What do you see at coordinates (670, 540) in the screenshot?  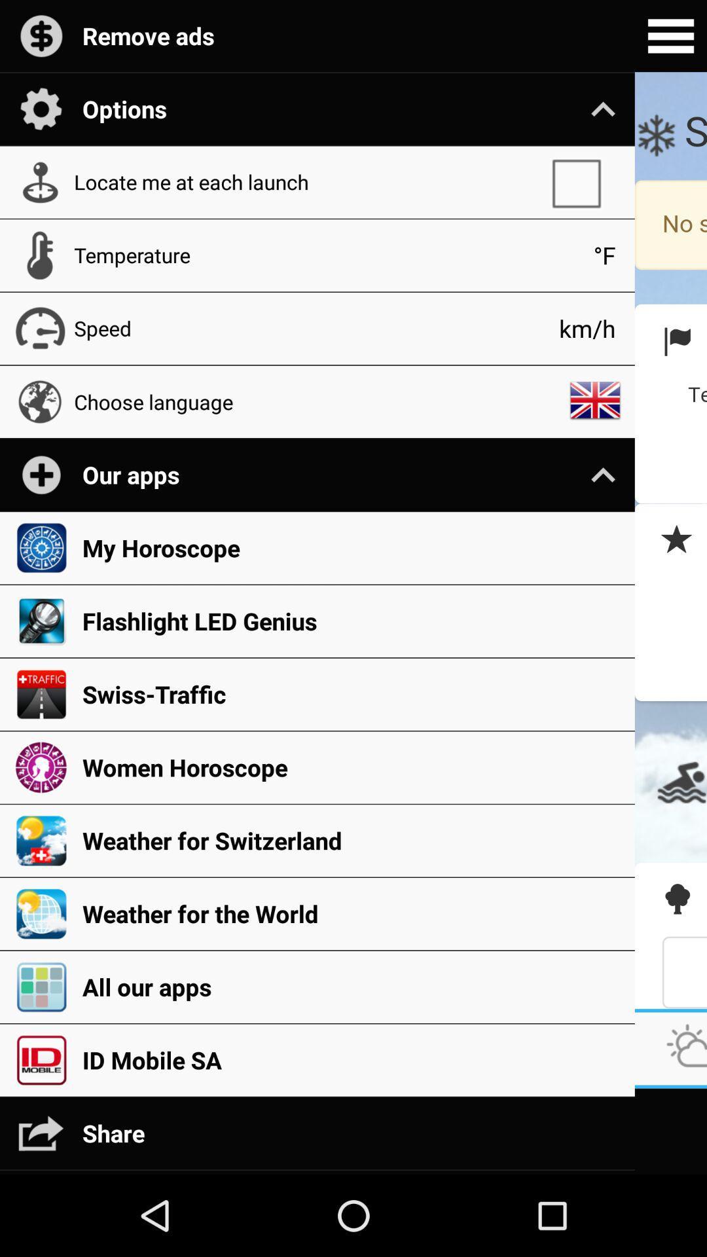 I see `return to app` at bounding box center [670, 540].